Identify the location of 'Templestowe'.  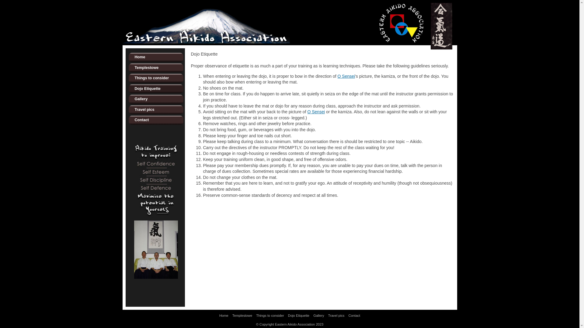
(156, 68).